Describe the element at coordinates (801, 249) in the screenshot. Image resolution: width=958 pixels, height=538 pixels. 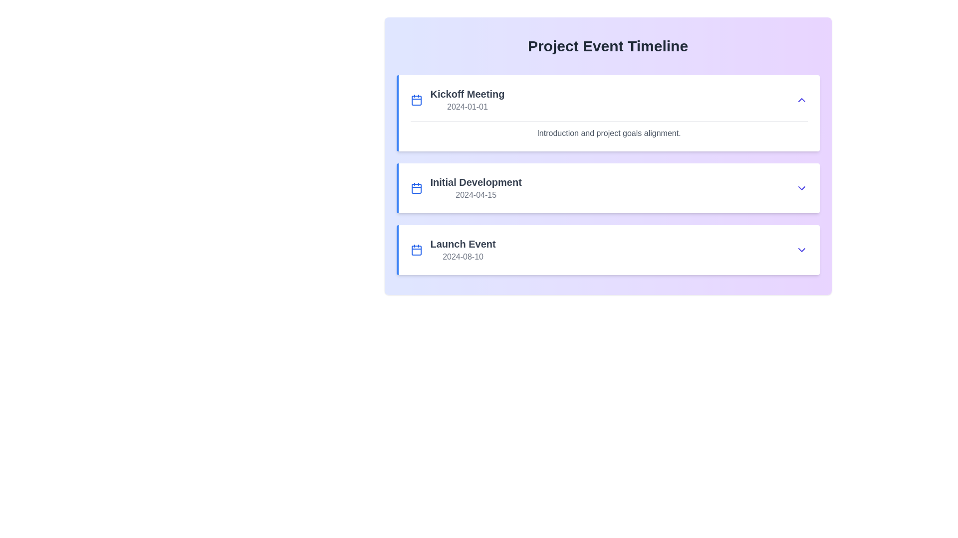
I see `the indigo downward-pointing chevron button located` at that location.